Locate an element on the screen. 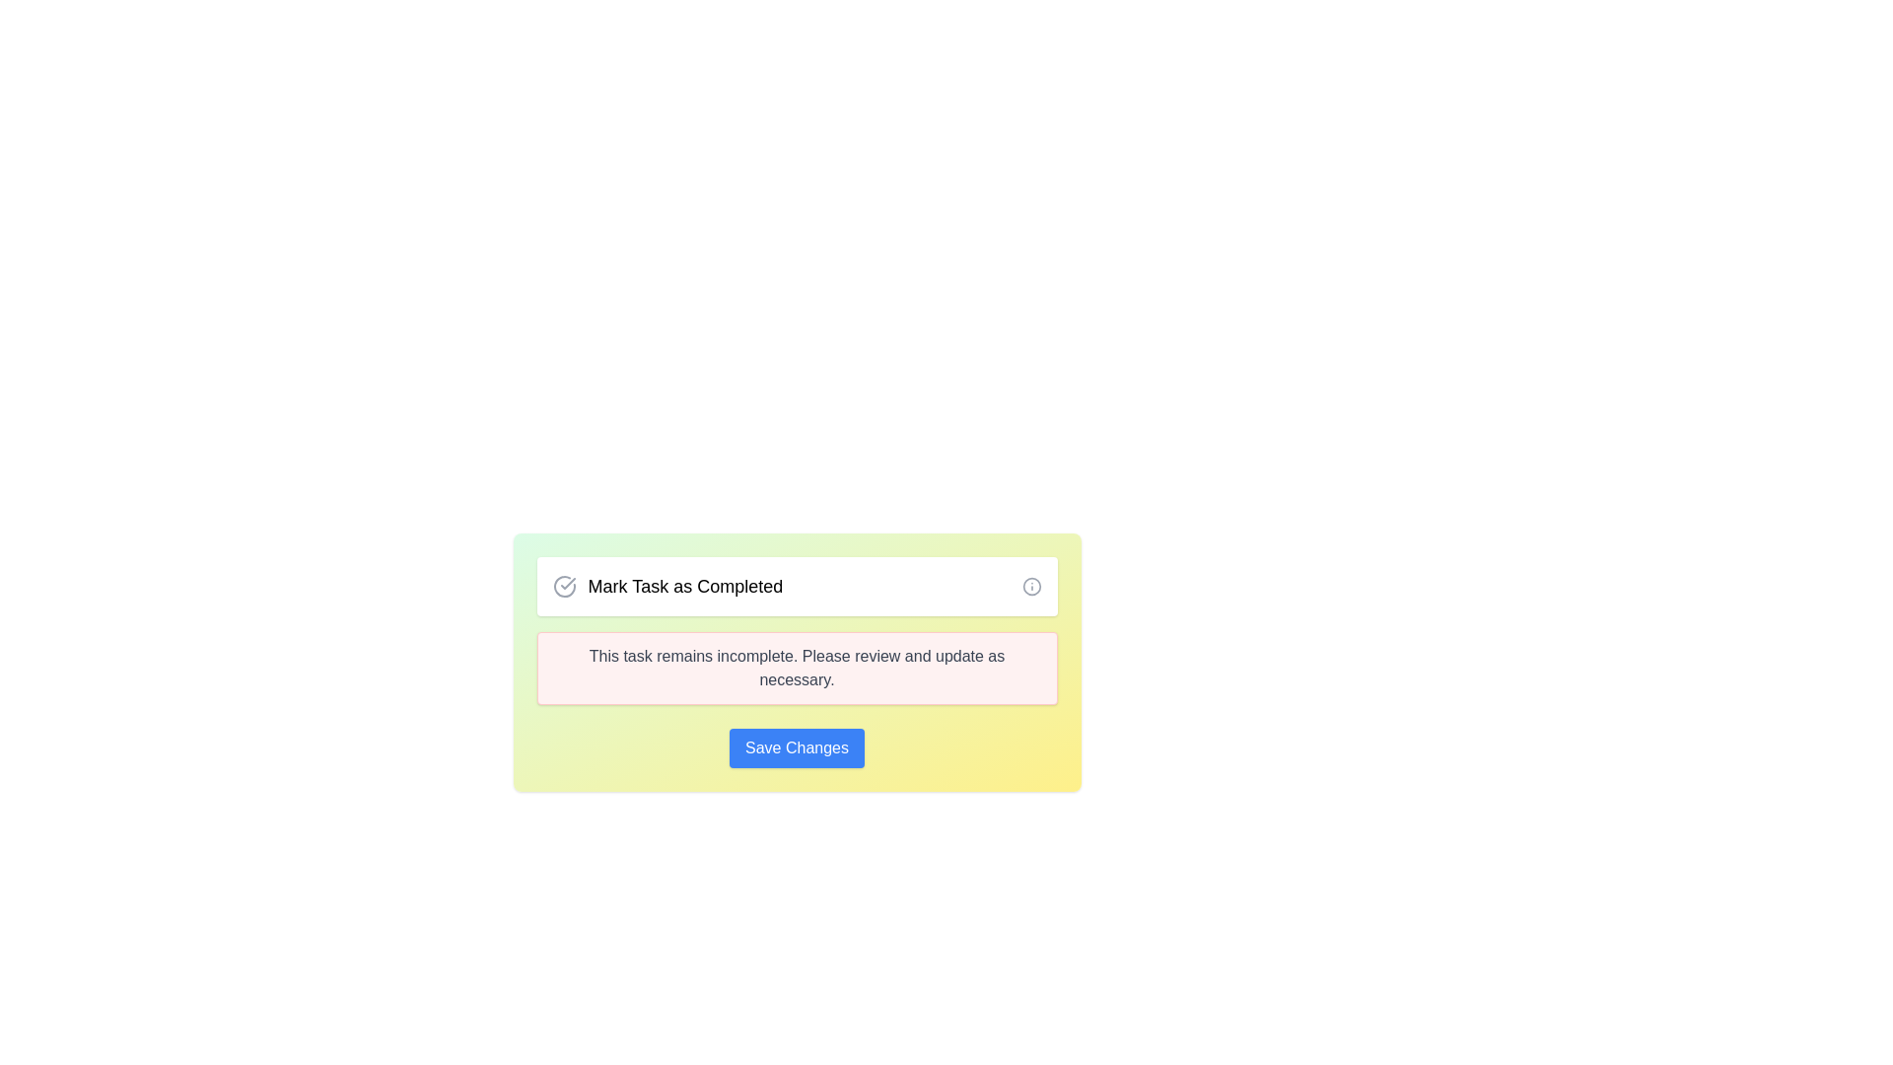 This screenshot has width=1893, height=1065. the Information Icon located on the rightmost side of the 'Mark Task as Completed' component is located at coordinates (1030, 585).